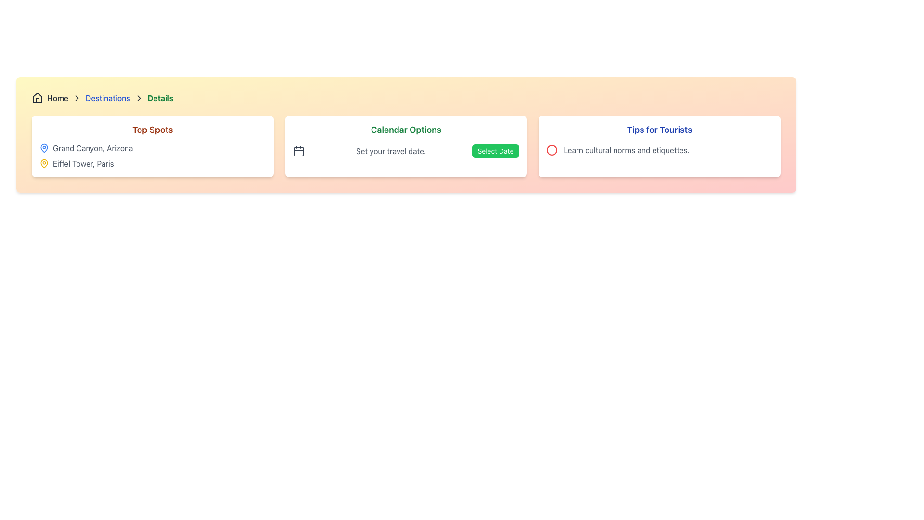  I want to click on the arrow icon located to the right of the 'Destinations' text in the breadcrumb navigation bar to interact with it, so click(138, 98).